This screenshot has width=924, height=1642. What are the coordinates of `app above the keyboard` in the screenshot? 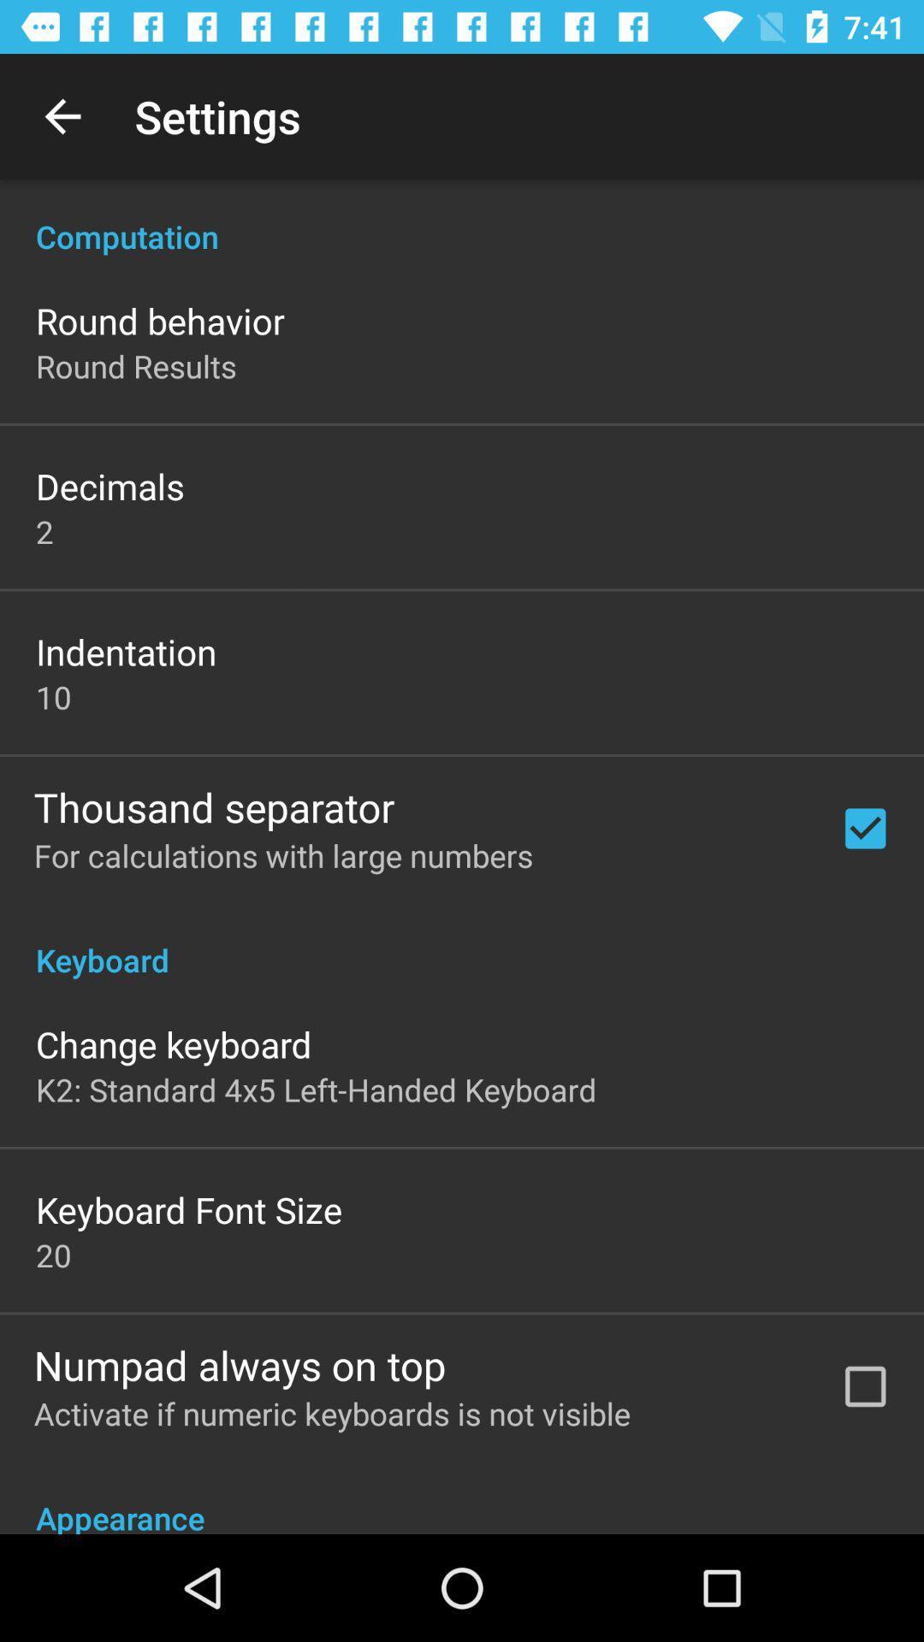 It's located at (282, 855).